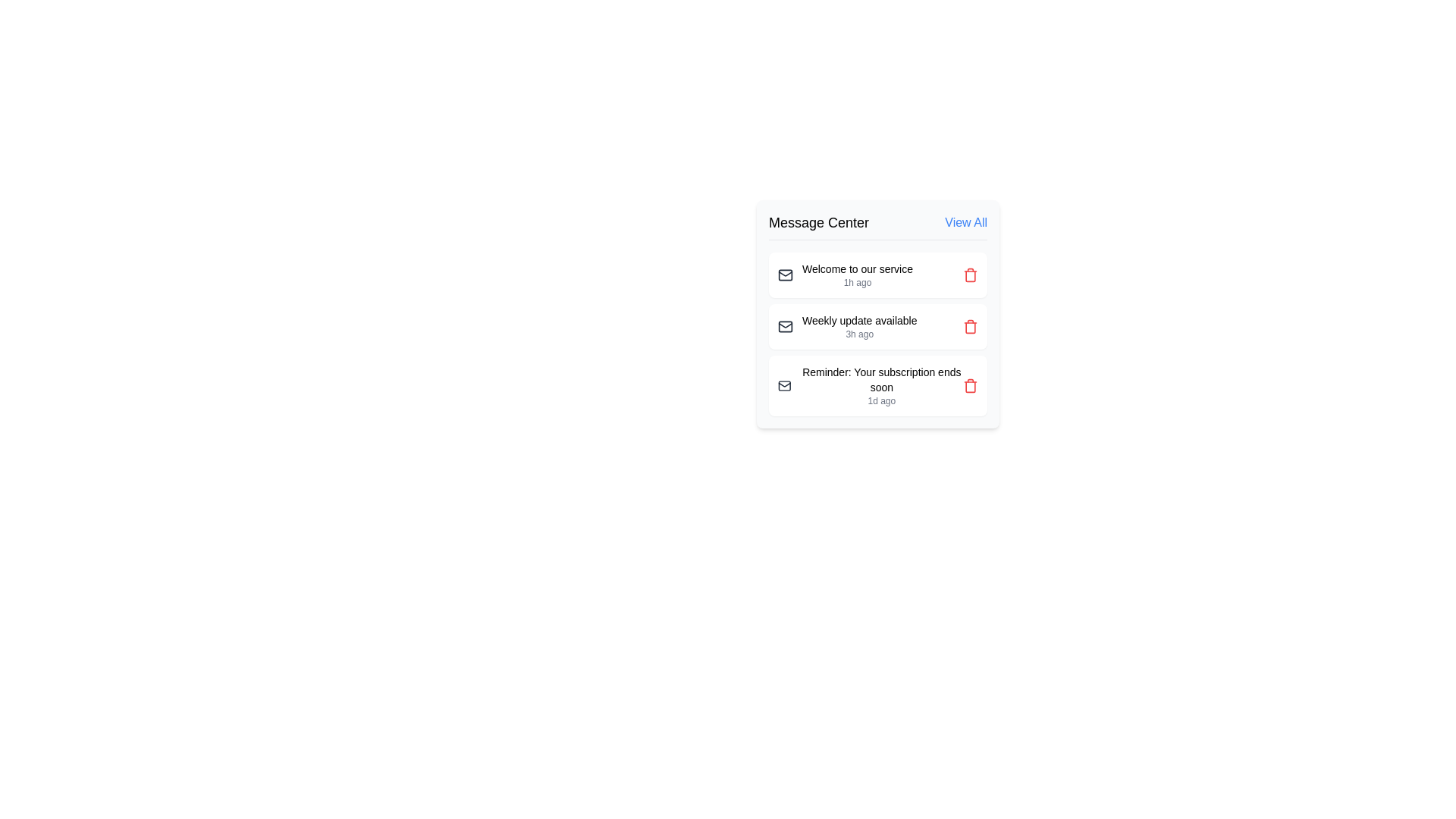  Describe the element at coordinates (881, 385) in the screenshot. I see `the notification entry stating 'Reminder: Your subscription ends soon' in the Message Center` at that location.